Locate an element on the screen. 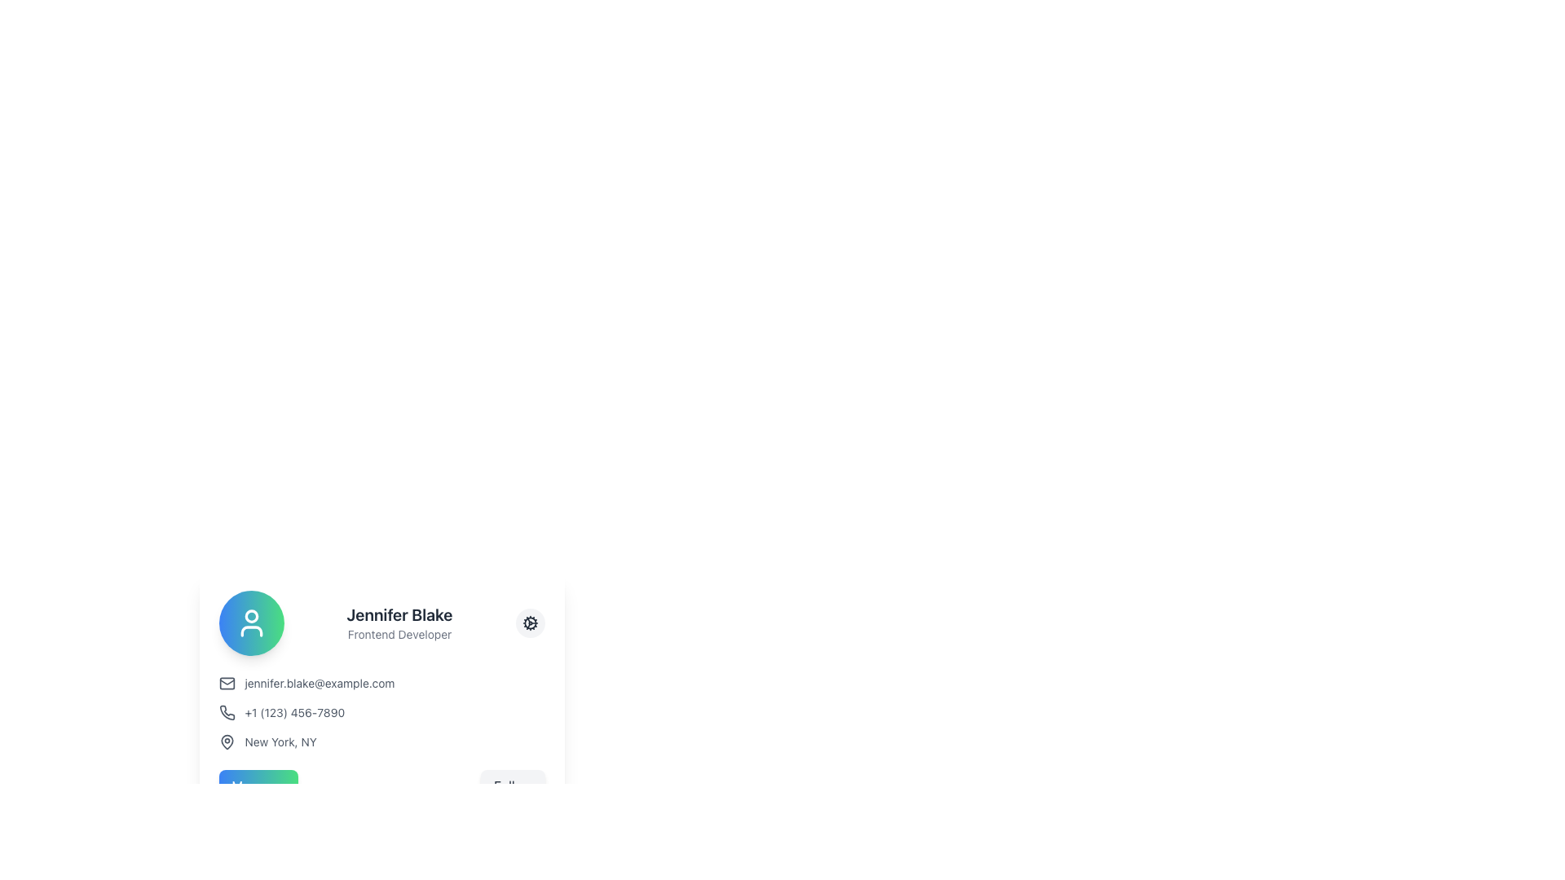  the SVG Circle element, which is centrally located within the profile image icon on the top left corner of the user information card is located at coordinates (250, 616).